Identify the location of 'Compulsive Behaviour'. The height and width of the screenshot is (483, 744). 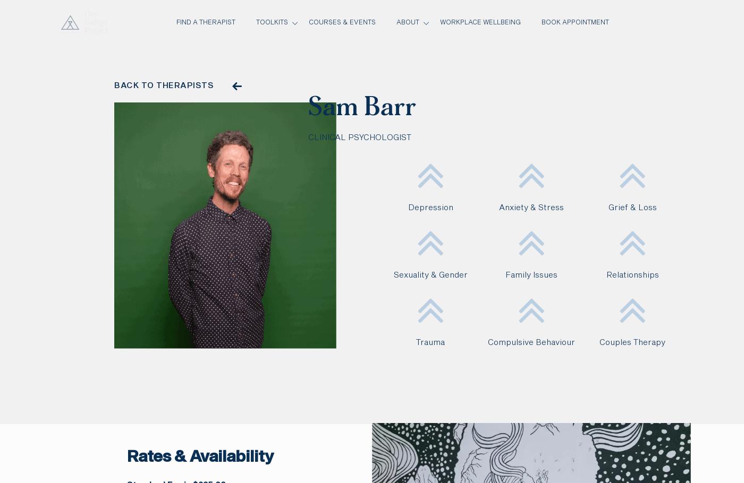
(487, 342).